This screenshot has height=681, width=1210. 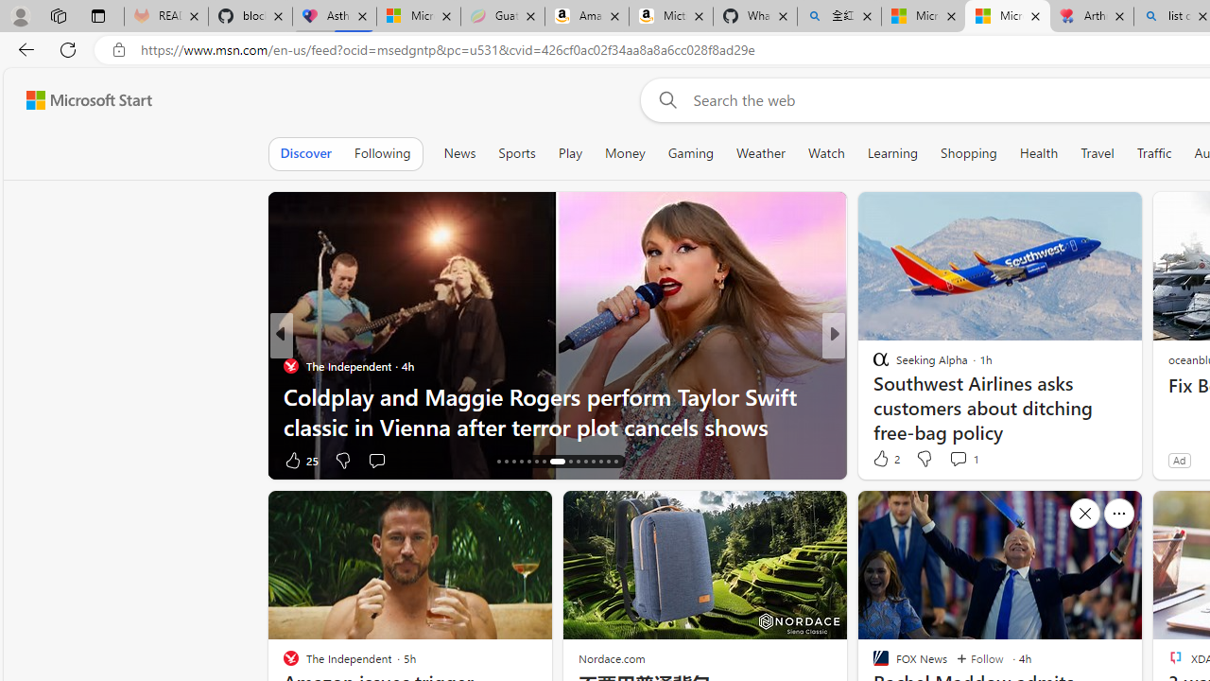 I want to click on 'AutomationID: tab-20', so click(x=529, y=462).